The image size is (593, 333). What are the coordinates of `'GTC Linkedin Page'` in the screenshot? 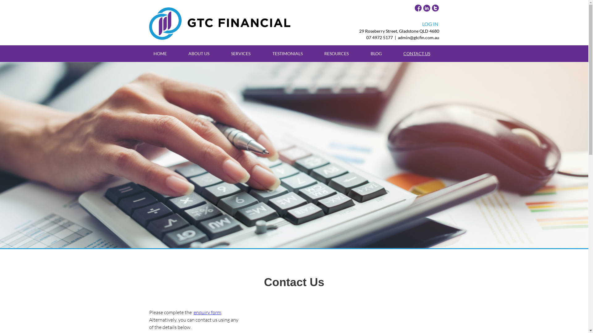 It's located at (427, 8).